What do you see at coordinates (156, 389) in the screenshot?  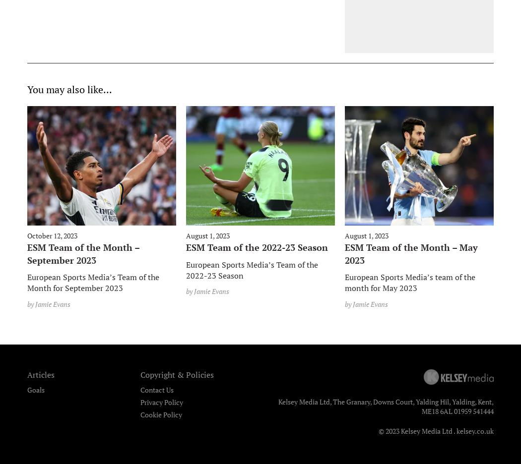 I see `'Contact Us'` at bounding box center [156, 389].